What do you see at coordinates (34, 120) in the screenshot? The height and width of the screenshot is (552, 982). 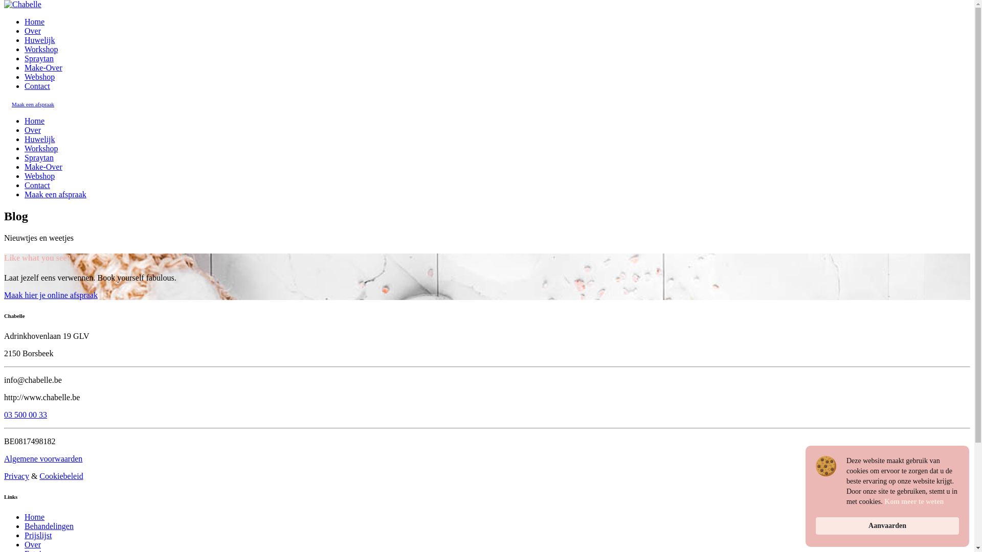 I see `'Home'` at bounding box center [34, 120].